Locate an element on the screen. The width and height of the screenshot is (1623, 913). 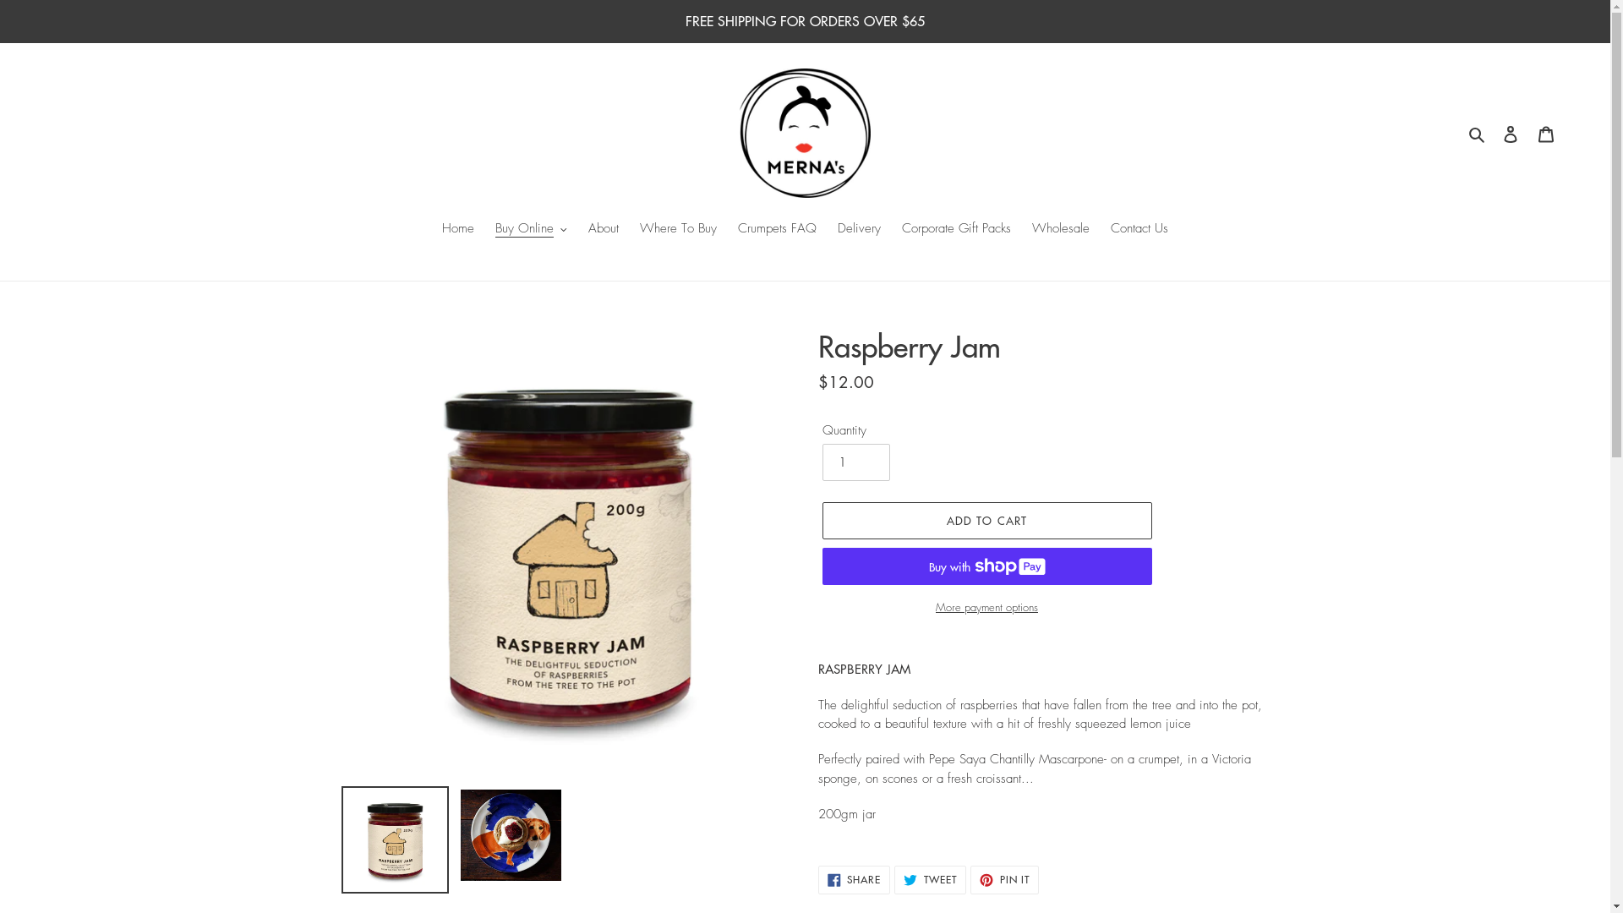
'About' is located at coordinates (604, 230).